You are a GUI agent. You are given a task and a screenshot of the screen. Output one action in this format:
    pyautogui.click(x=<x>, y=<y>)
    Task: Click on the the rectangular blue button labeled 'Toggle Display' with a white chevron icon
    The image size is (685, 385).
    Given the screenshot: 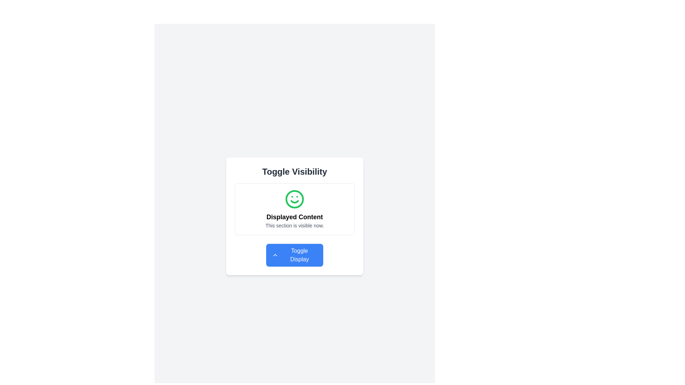 What is the action you would take?
    pyautogui.click(x=294, y=255)
    